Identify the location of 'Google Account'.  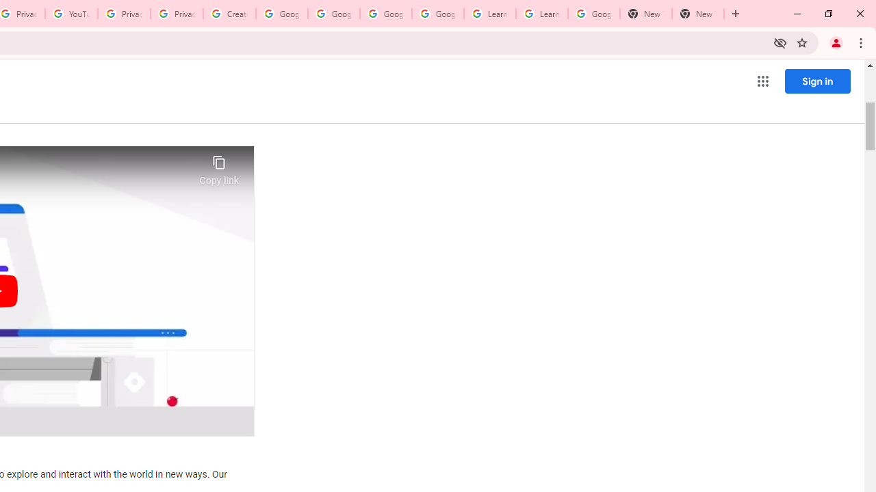
(593, 14).